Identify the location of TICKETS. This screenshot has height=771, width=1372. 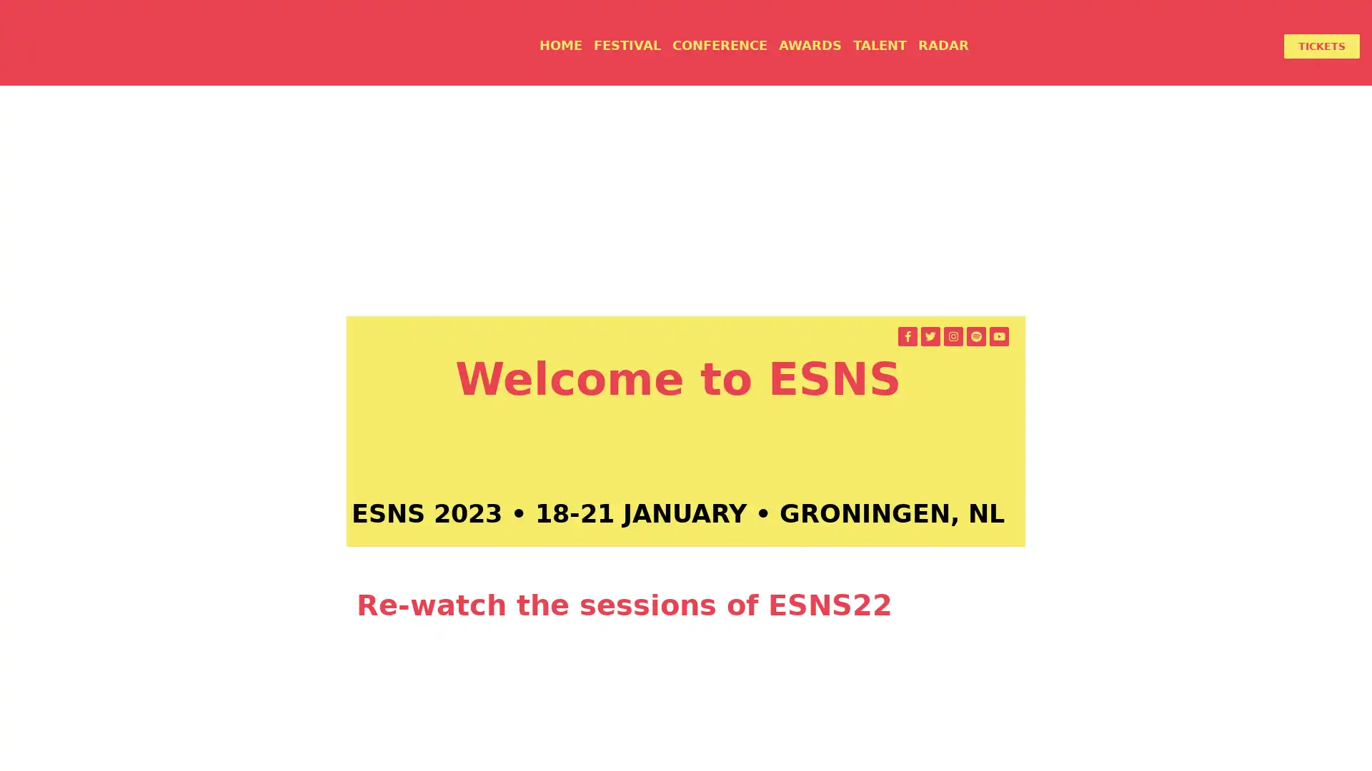
(1323, 46).